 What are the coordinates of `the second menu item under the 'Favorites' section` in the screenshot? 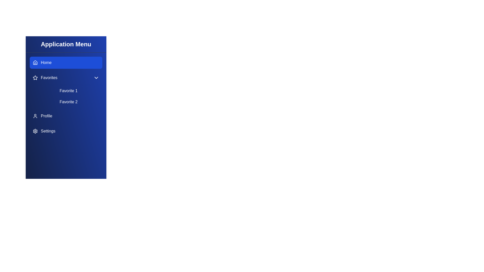 It's located at (68, 102).